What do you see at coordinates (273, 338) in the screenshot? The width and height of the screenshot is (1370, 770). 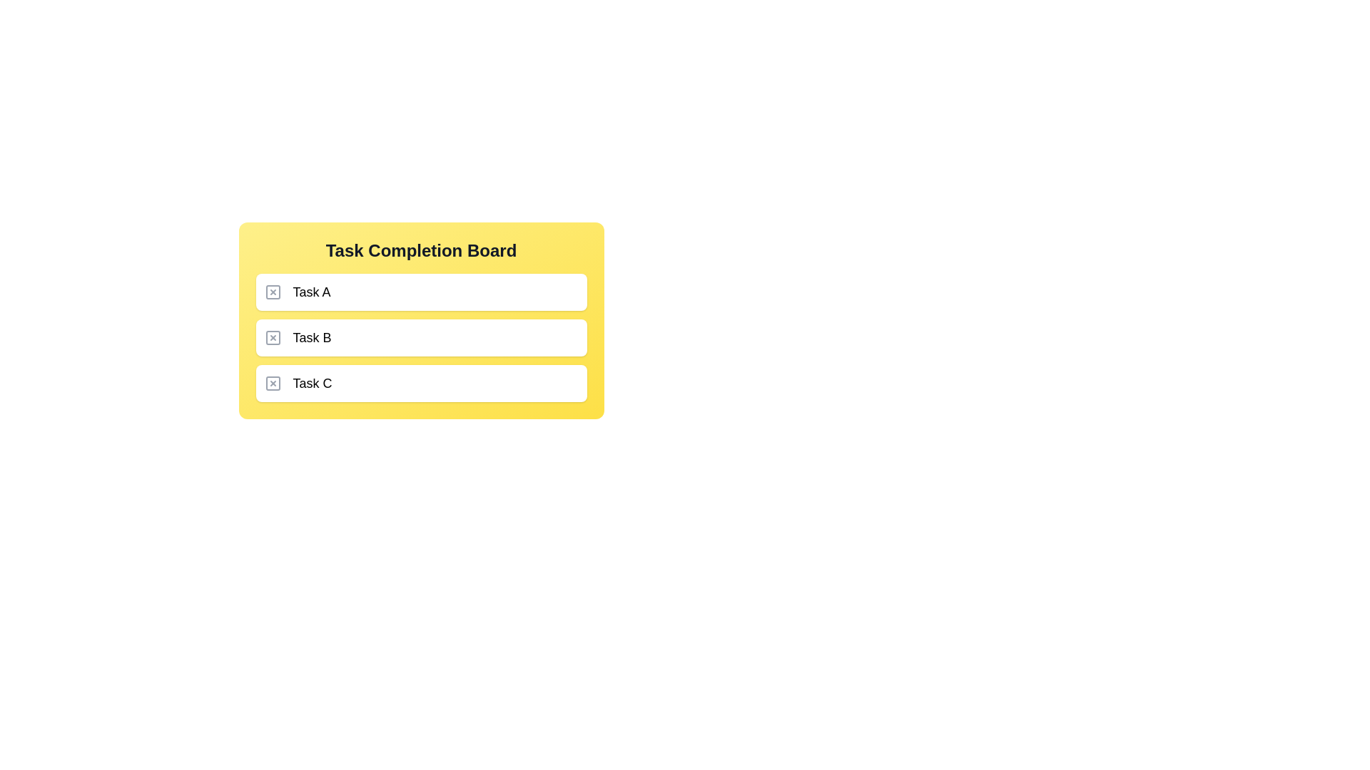 I see `the delete button located to the left of the text labeled 'Task B' in the second row of the task list within the 'Task Completion Board'` at bounding box center [273, 338].